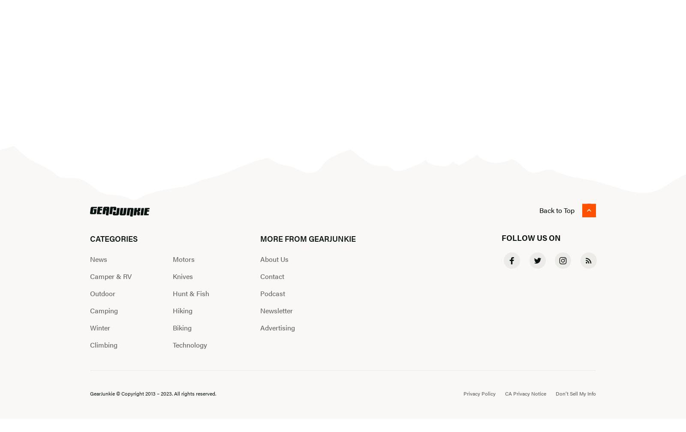 This screenshot has height=432, width=686. Describe the element at coordinates (100, 327) in the screenshot. I see `'Winter'` at that location.